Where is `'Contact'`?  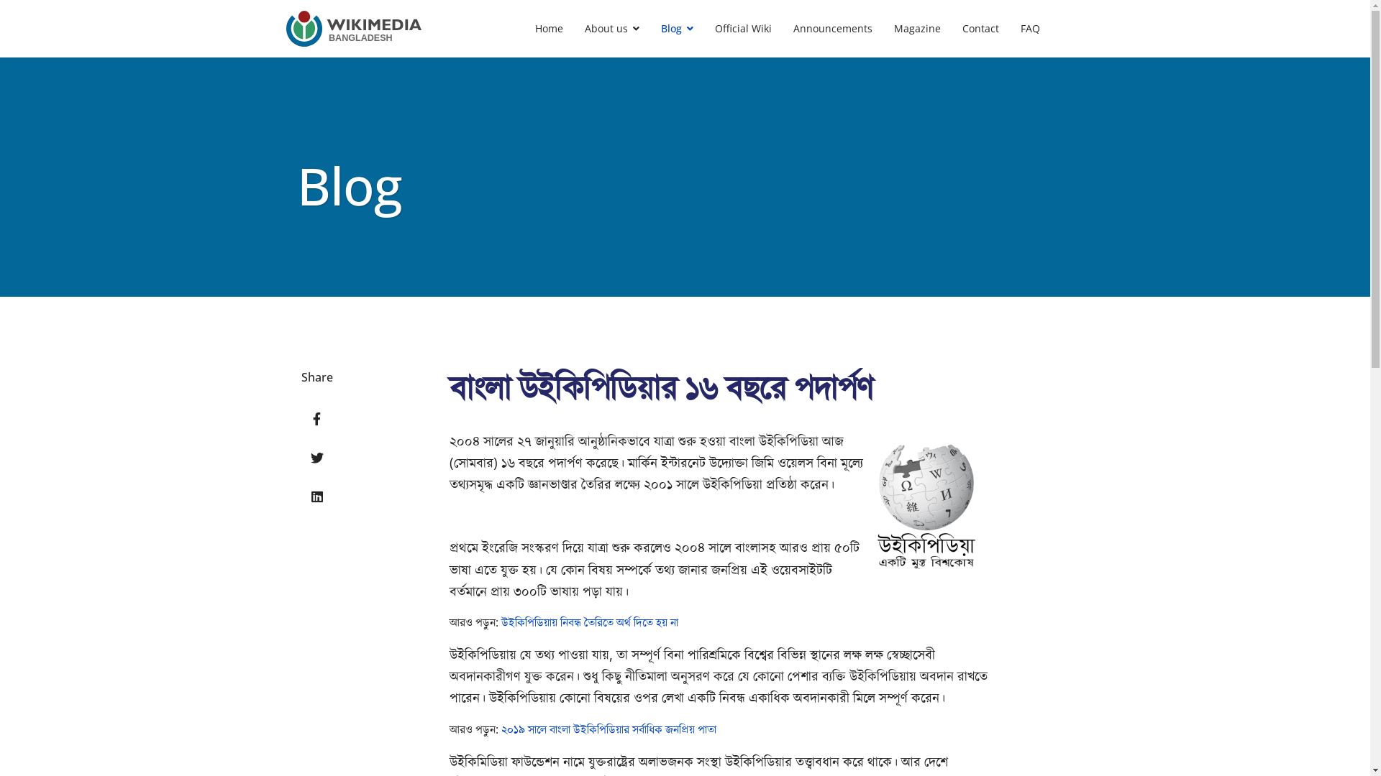 'Contact' is located at coordinates (980, 28).